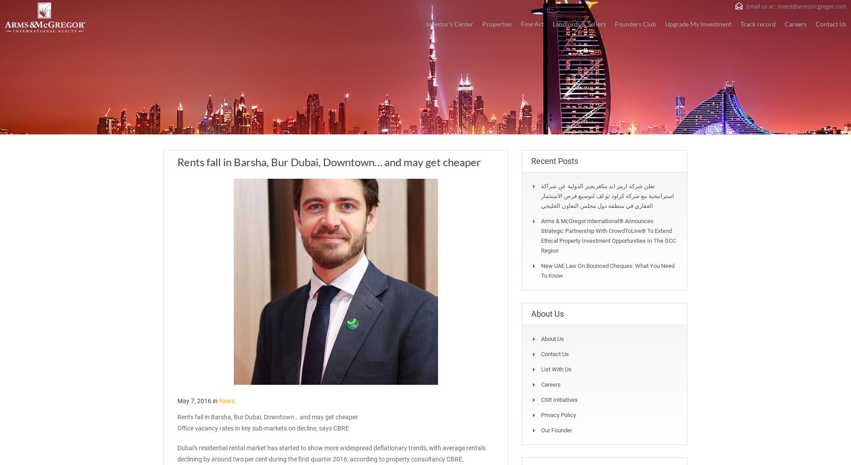 Image resolution: width=851 pixels, height=465 pixels. I want to click on 'Track record', so click(757, 23).